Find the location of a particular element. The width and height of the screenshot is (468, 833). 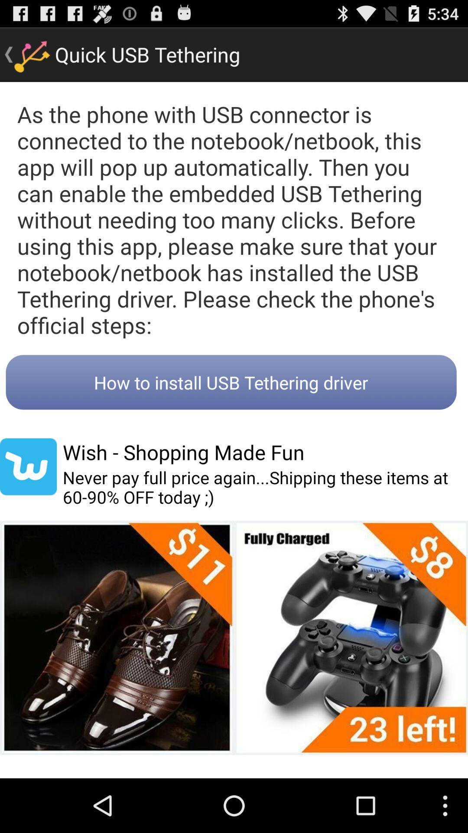

the item on the left is located at coordinates (28, 466).